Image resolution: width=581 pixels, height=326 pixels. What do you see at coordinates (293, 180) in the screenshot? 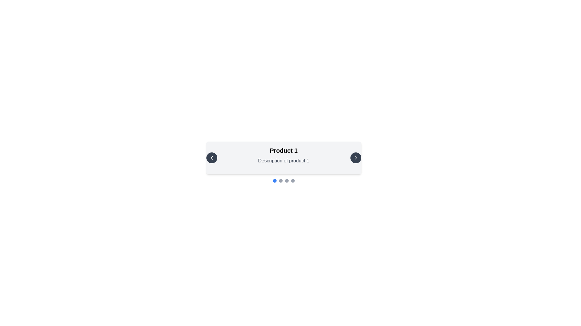
I see `the fourth navigational indicator located beneath the product display area` at bounding box center [293, 180].